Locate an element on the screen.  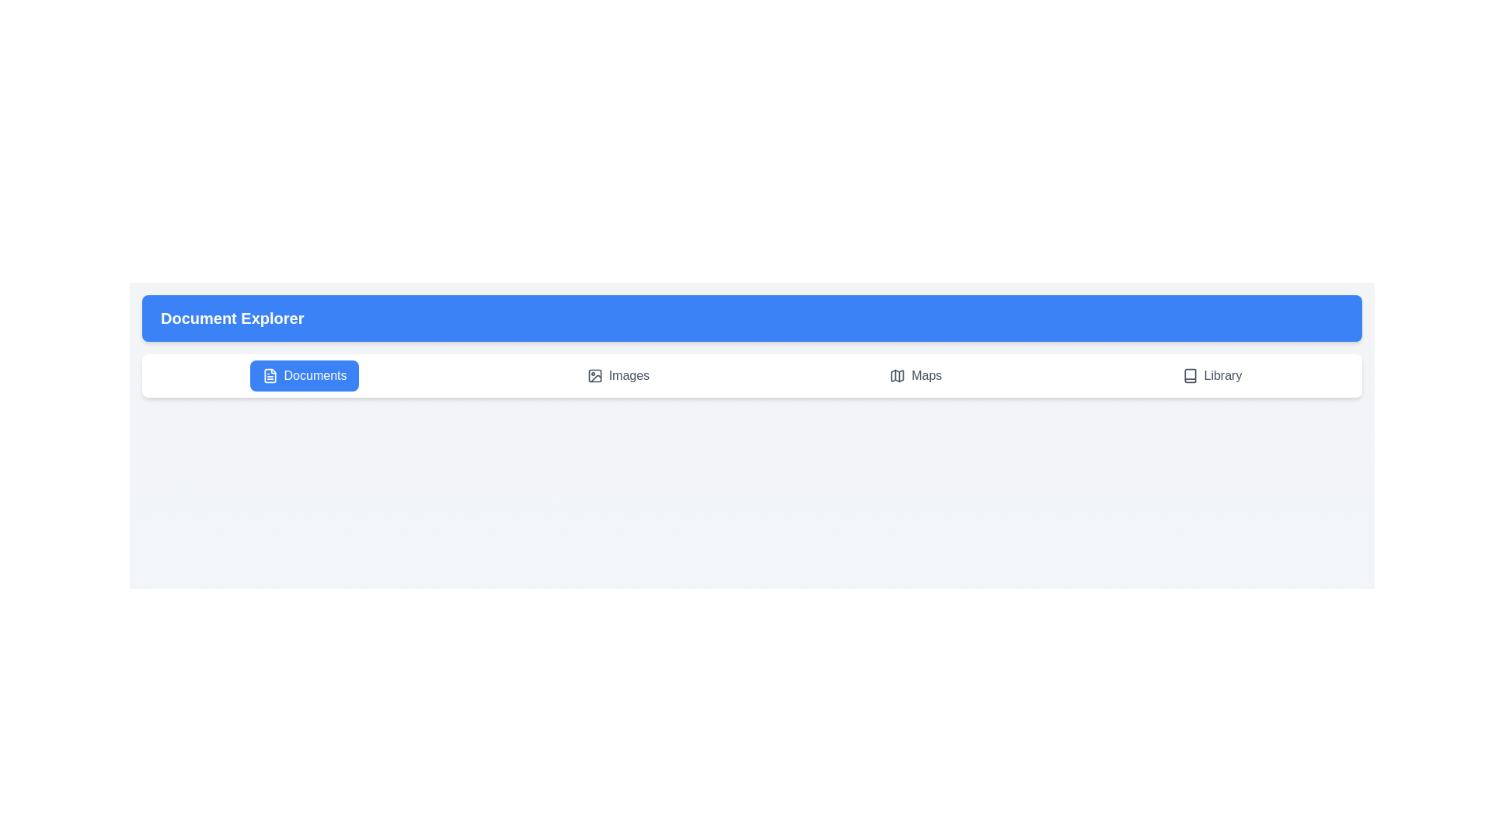
the Library tab is located at coordinates (1211, 375).